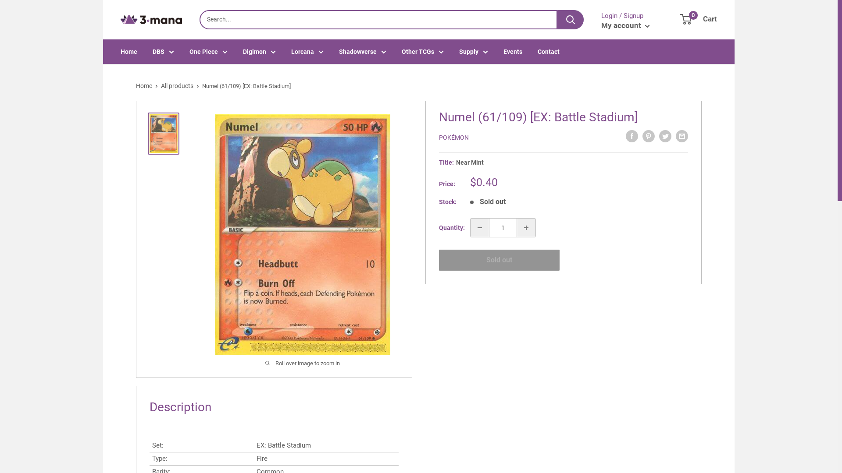  What do you see at coordinates (499, 260) in the screenshot?
I see `'Sold out'` at bounding box center [499, 260].